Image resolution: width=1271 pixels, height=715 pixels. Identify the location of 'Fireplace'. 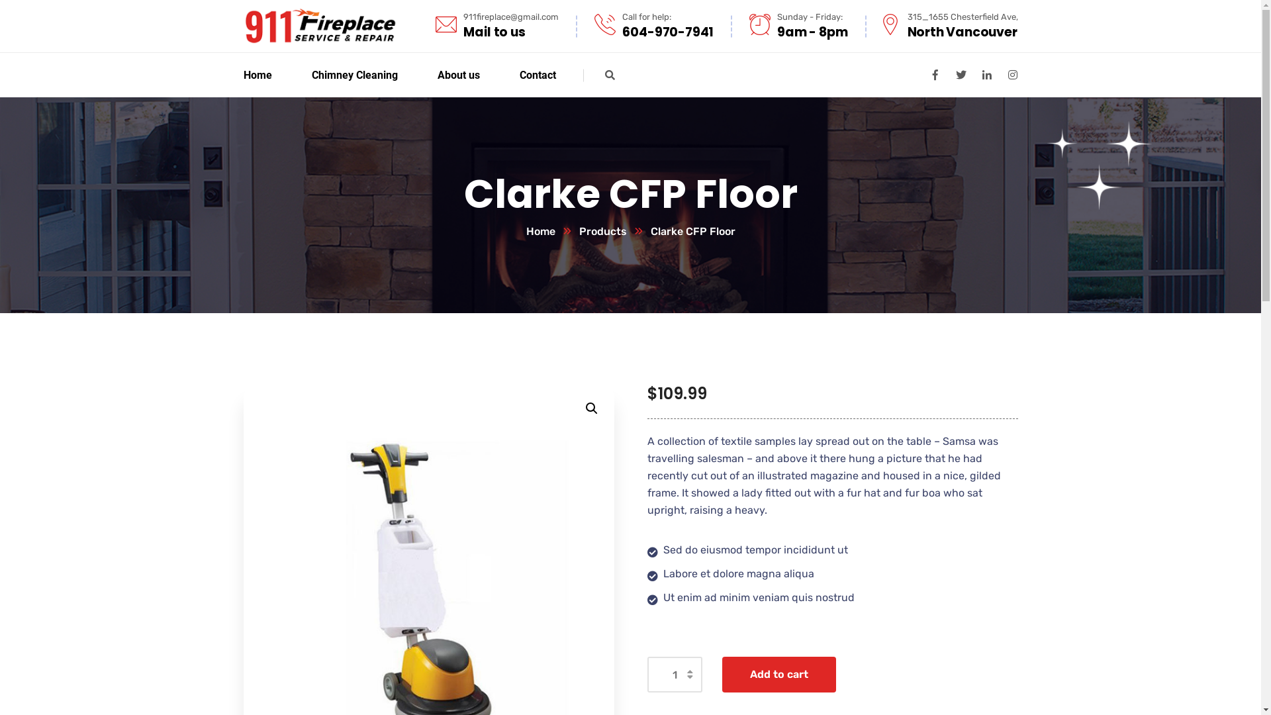
(320, 25).